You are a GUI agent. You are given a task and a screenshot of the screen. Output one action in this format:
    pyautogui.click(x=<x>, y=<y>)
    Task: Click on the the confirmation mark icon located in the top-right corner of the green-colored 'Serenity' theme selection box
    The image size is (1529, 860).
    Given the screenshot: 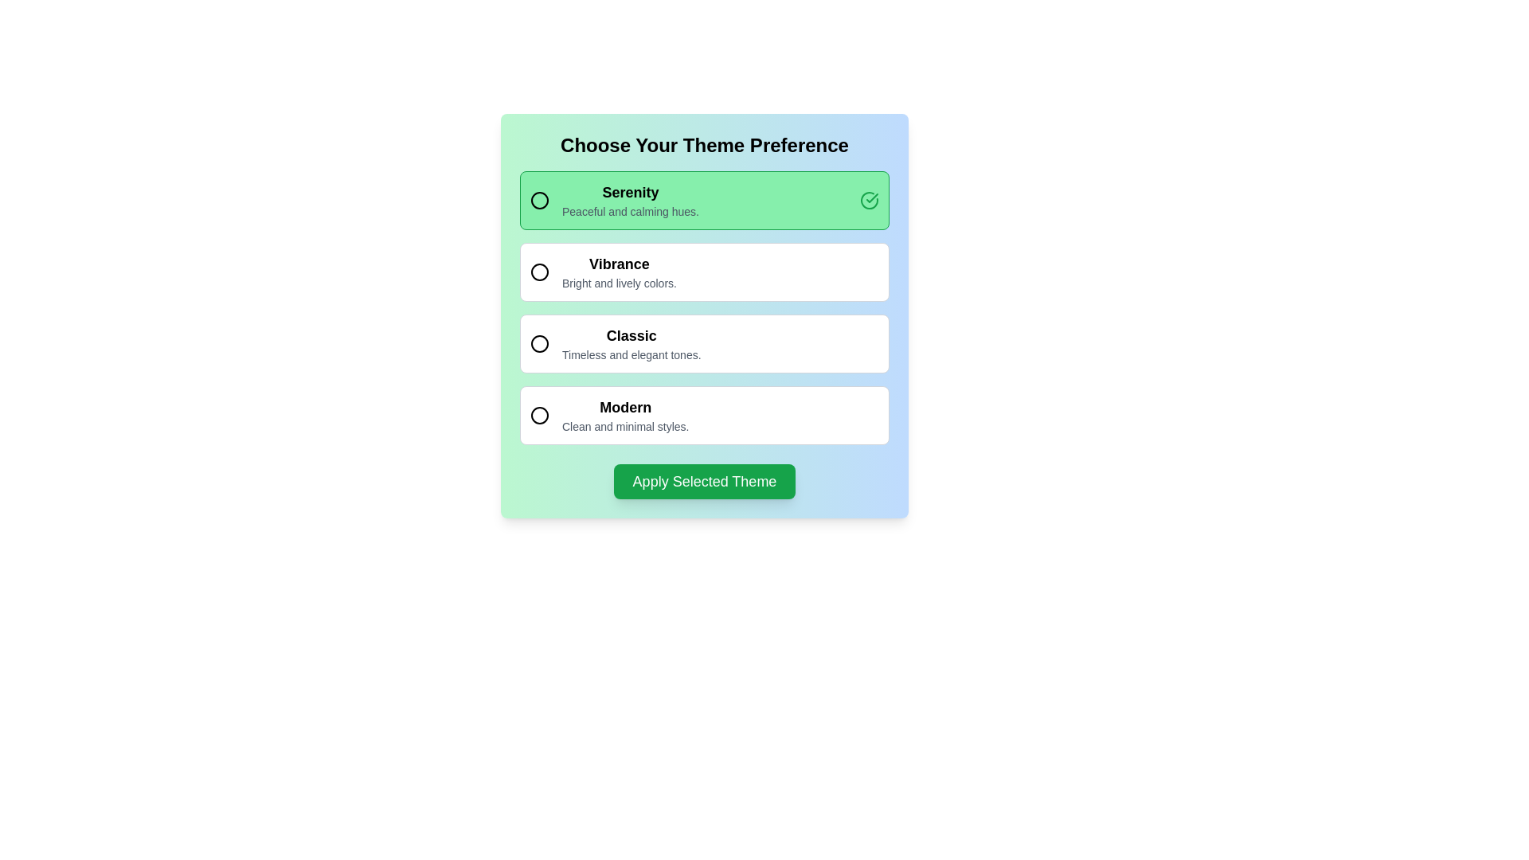 What is the action you would take?
    pyautogui.click(x=871, y=197)
    